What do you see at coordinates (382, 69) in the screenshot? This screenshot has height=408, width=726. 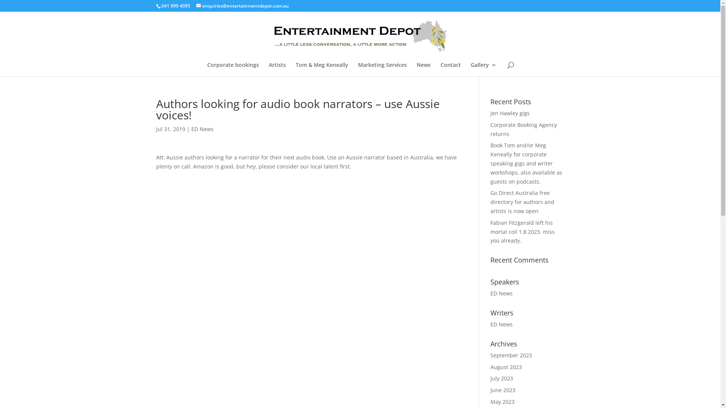 I see `'Marketing Services'` at bounding box center [382, 69].